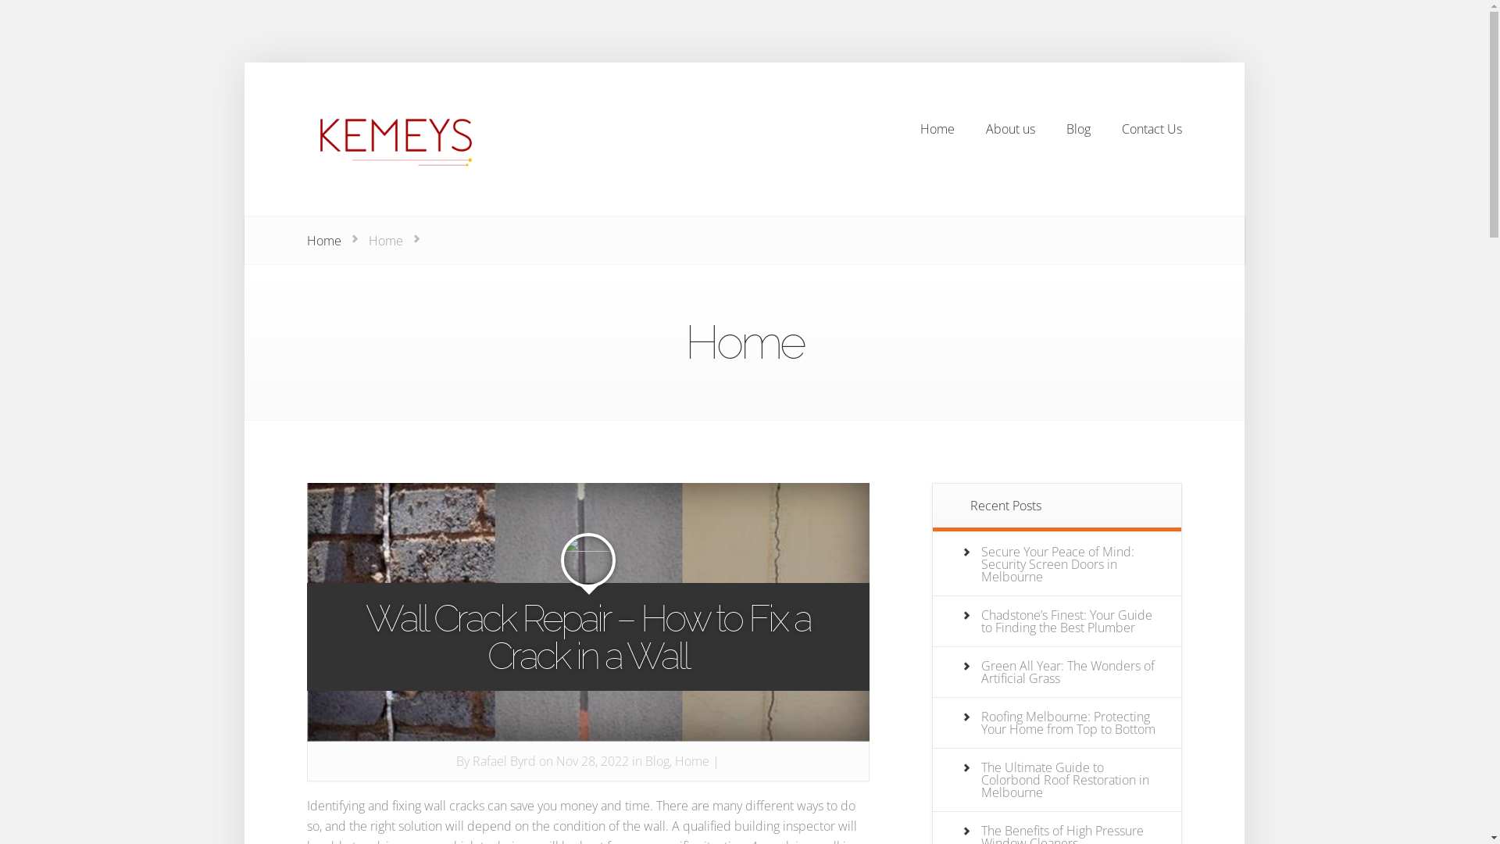  Describe the element at coordinates (691, 760) in the screenshot. I see `'Home'` at that location.